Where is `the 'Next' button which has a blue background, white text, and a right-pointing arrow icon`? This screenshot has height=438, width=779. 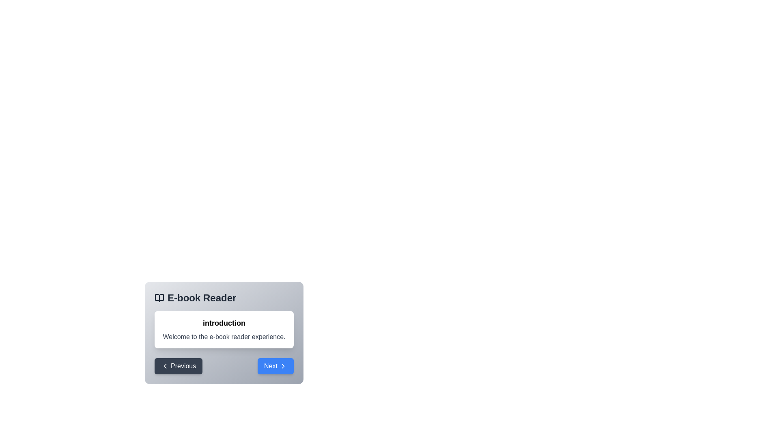
the 'Next' button which has a blue background, white text, and a right-pointing arrow icon is located at coordinates (275, 366).